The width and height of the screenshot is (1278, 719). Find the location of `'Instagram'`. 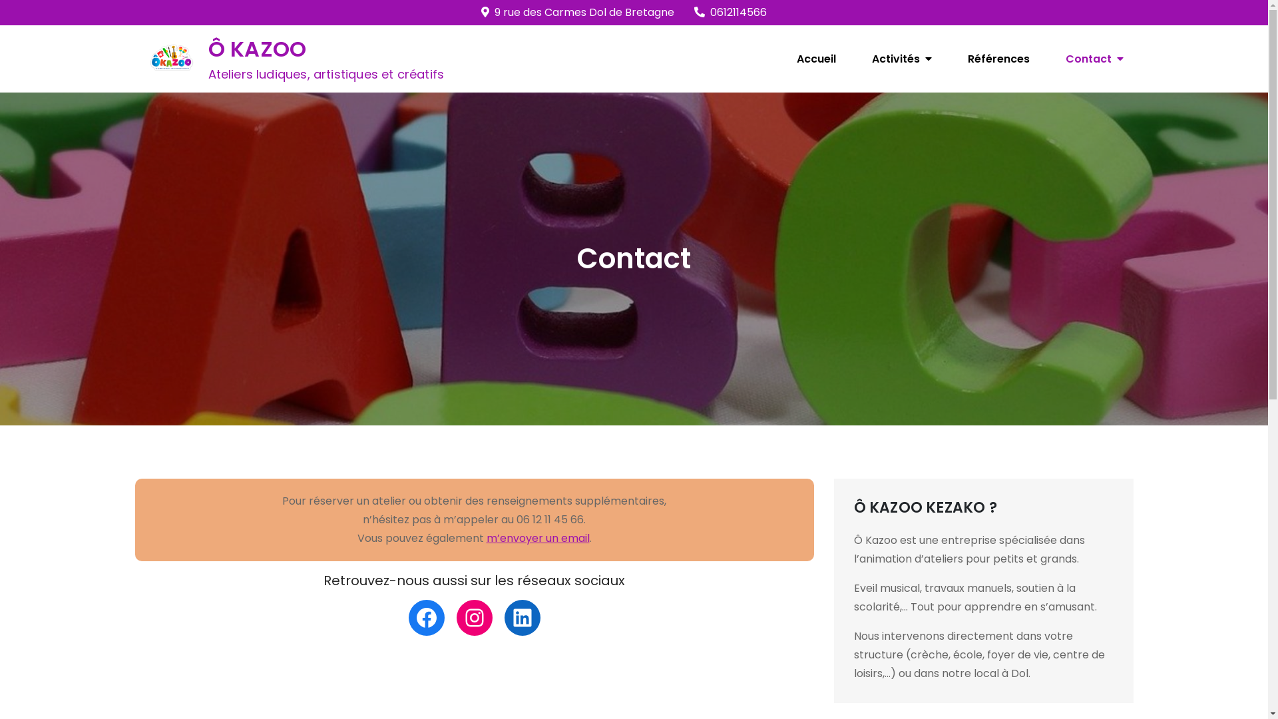

'Instagram' is located at coordinates (475, 618).